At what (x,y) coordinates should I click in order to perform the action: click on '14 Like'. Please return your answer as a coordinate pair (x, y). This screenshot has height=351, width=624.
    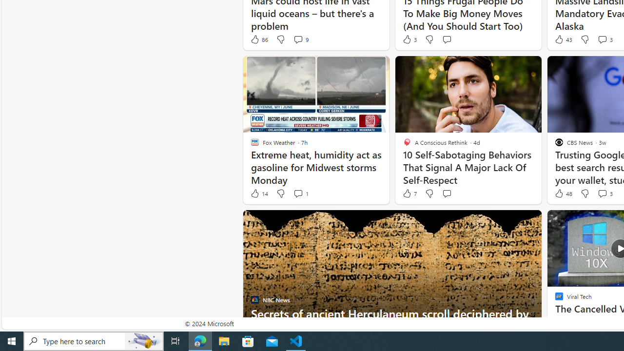
    Looking at the image, I should click on (259, 194).